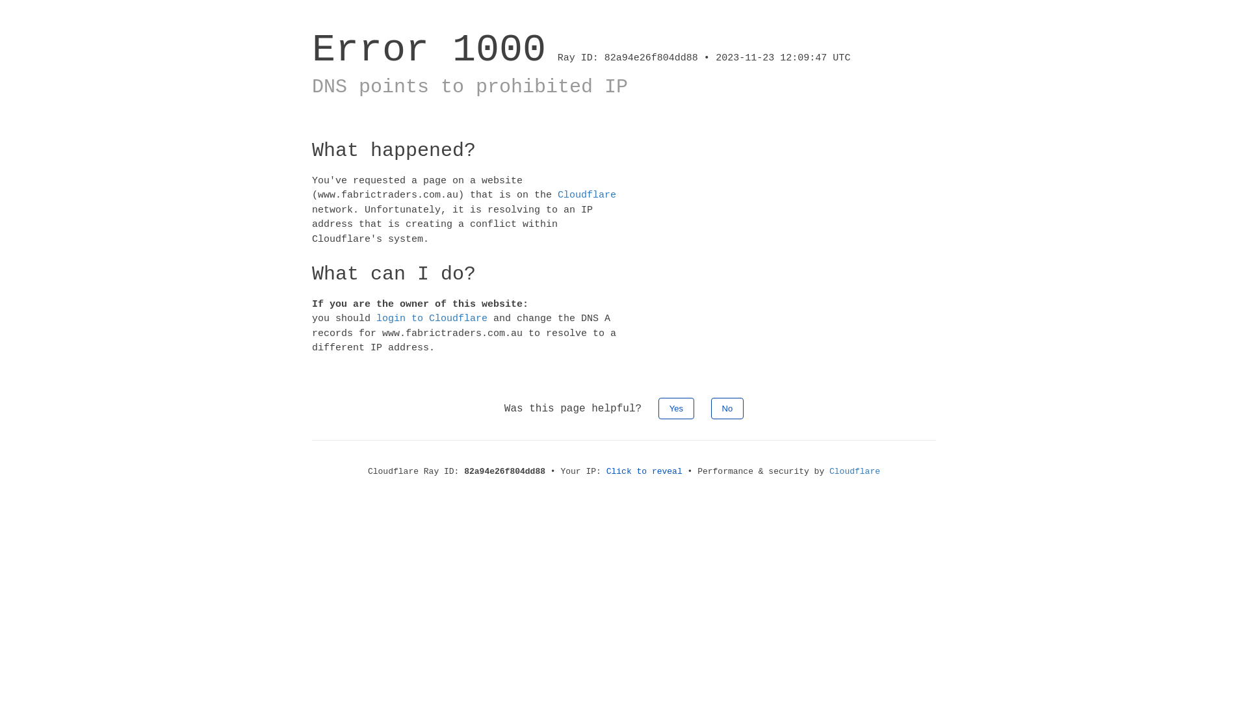 This screenshot has height=702, width=1248. Describe the element at coordinates (605, 471) in the screenshot. I see `'Click to reveal'` at that location.